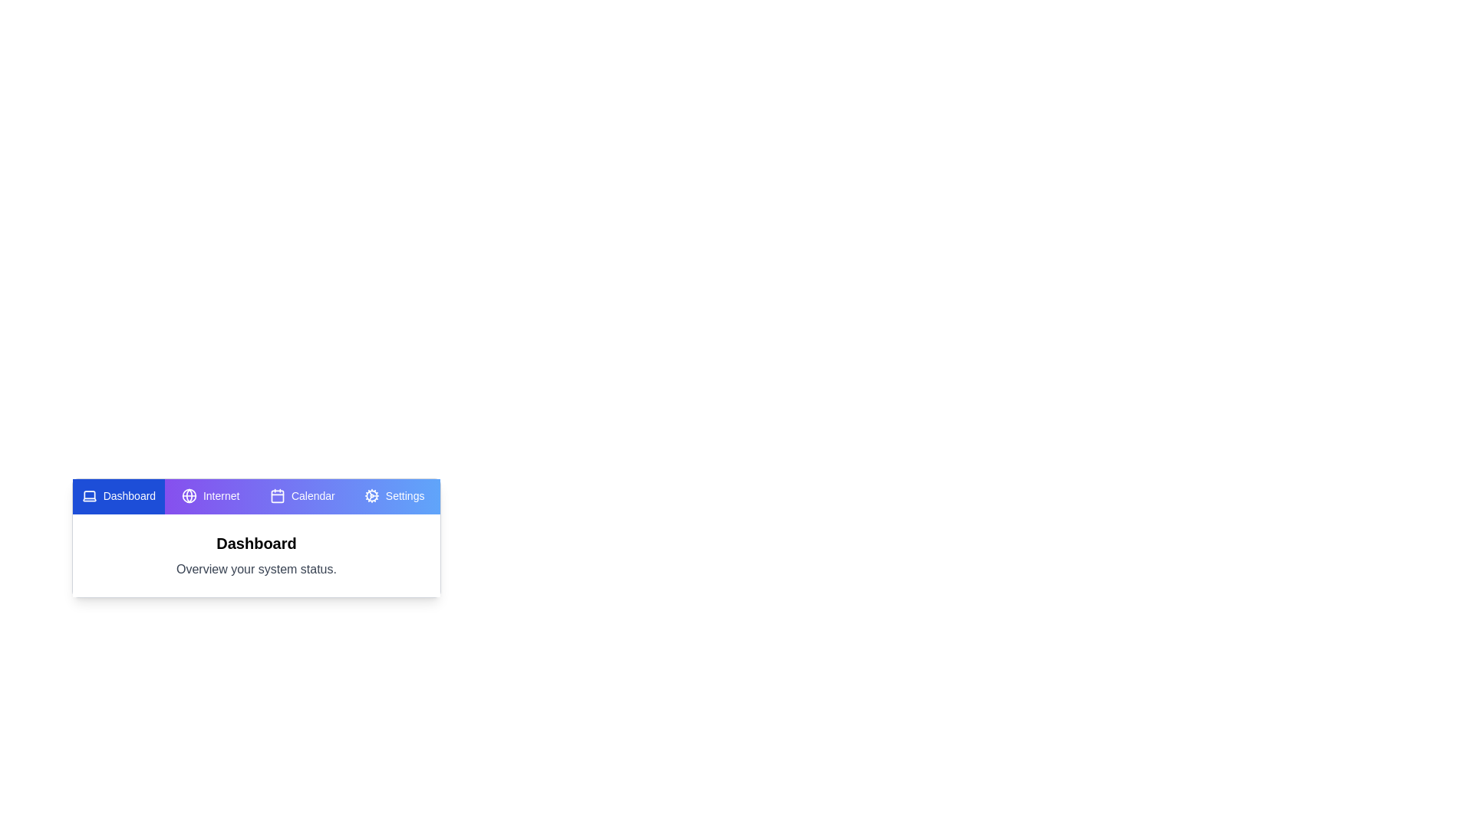 The image size is (1473, 828). Describe the element at coordinates (117, 497) in the screenshot. I see `the tab labeled Dashboard to view its content` at that location.